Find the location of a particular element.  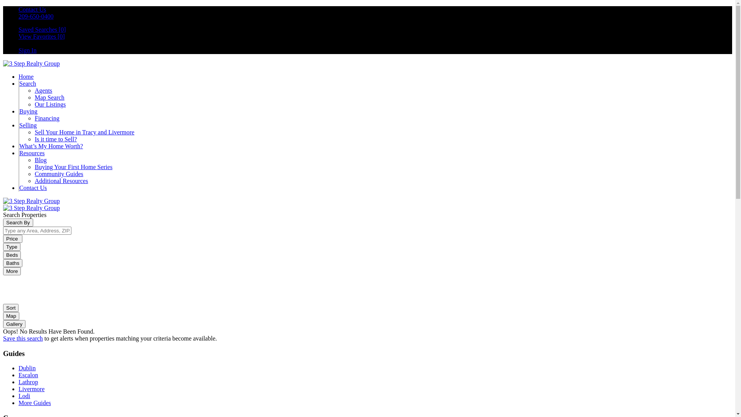

'Additional Resources' is located at coordinates (61, 181).